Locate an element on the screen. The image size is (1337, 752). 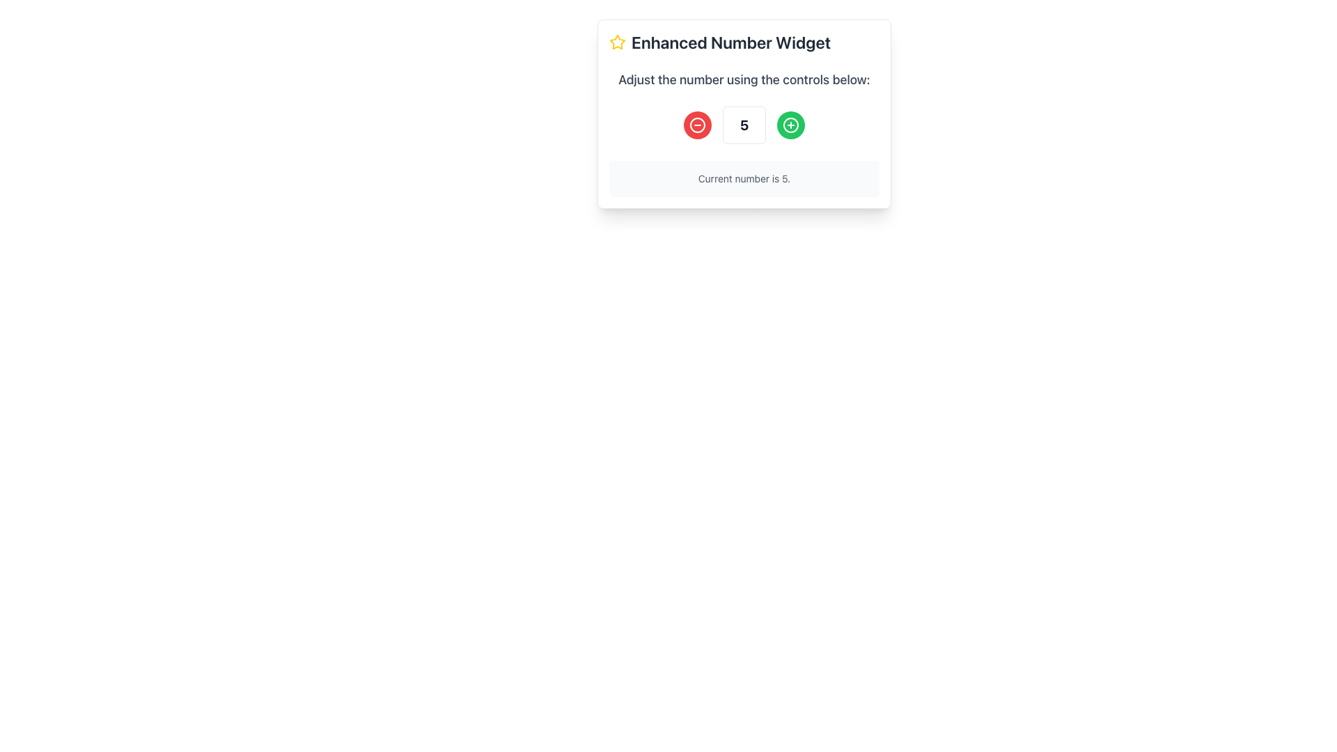
the innermost SVG Circle element located on the right side of the control panel of the widget is located at coordinates (791, 125).